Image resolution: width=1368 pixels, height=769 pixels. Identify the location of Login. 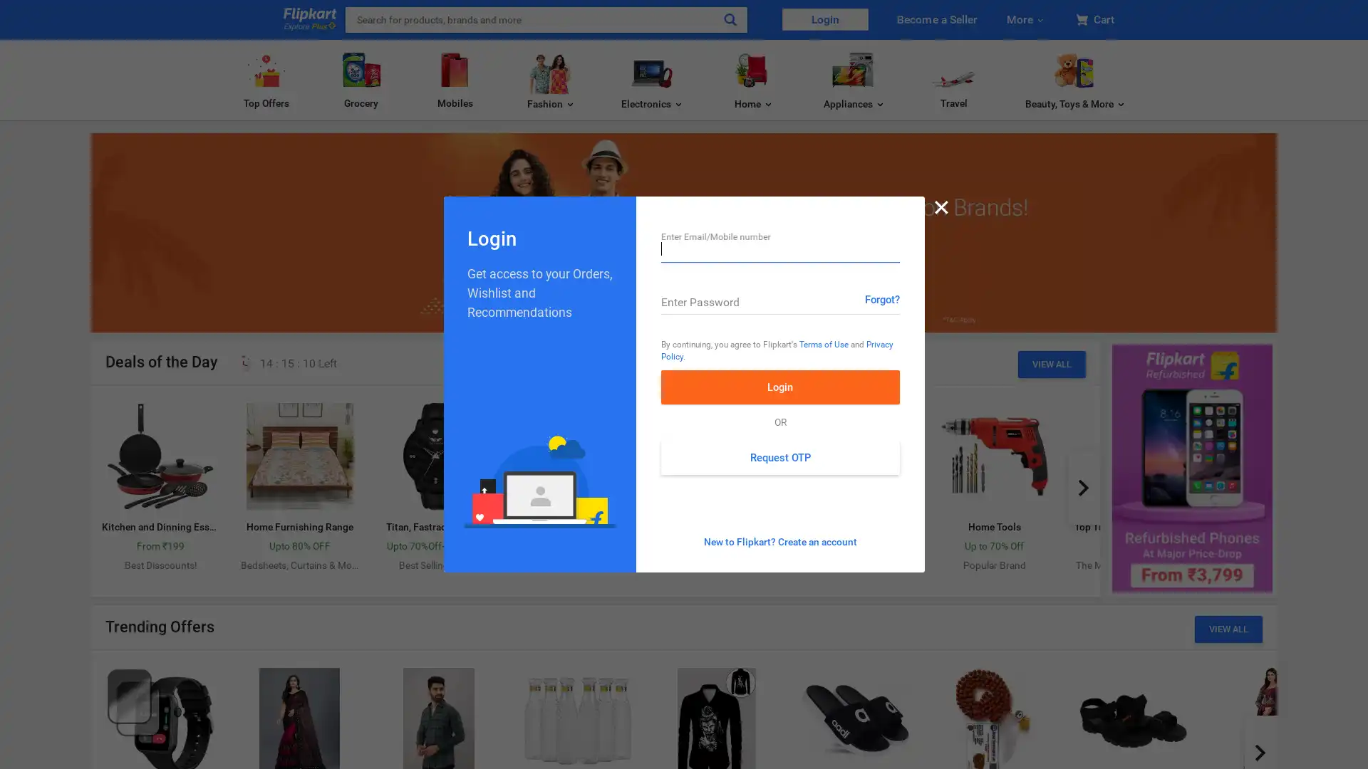
(779, 387).